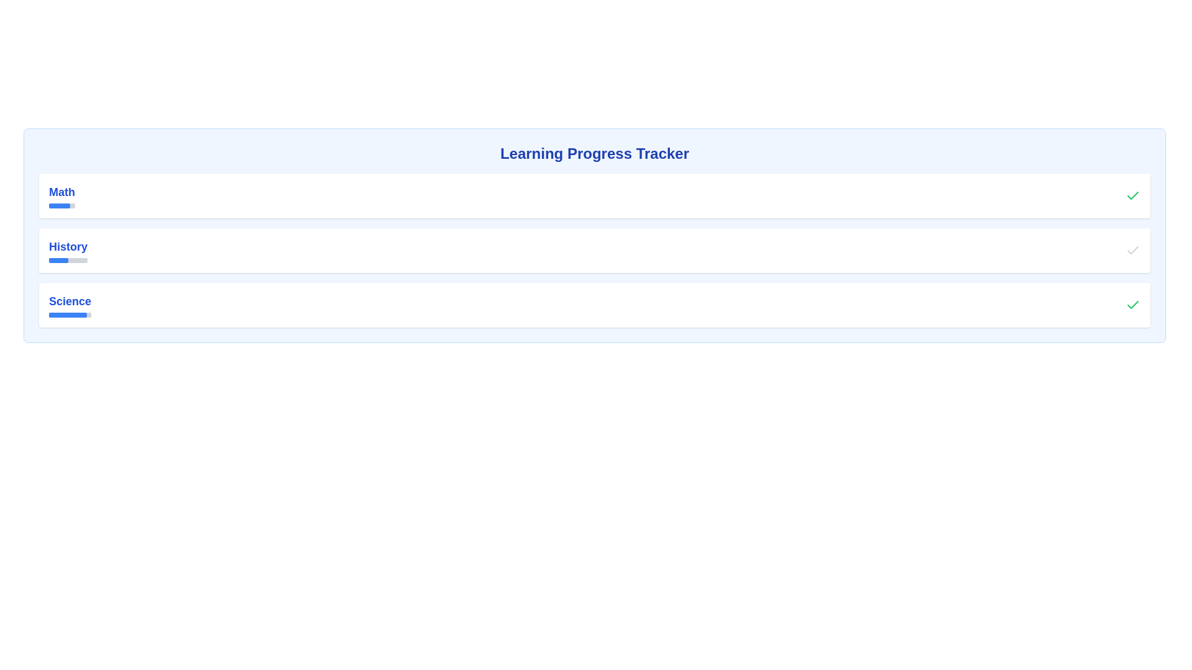 This screenshot has height=670, width=1192. Describe the element at coordinates (70, 301) in the screenshot. I see `the text label displaying 'Science' which is styled with a blue bold font and is the third item in a list of educational subjects` at that location.